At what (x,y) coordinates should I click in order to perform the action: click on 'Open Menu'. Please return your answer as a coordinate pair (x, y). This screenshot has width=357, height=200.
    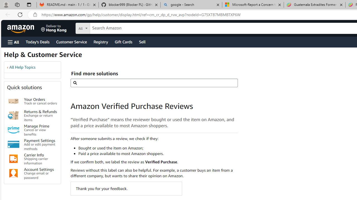
    Looking at the image, I should click on (13, 42).